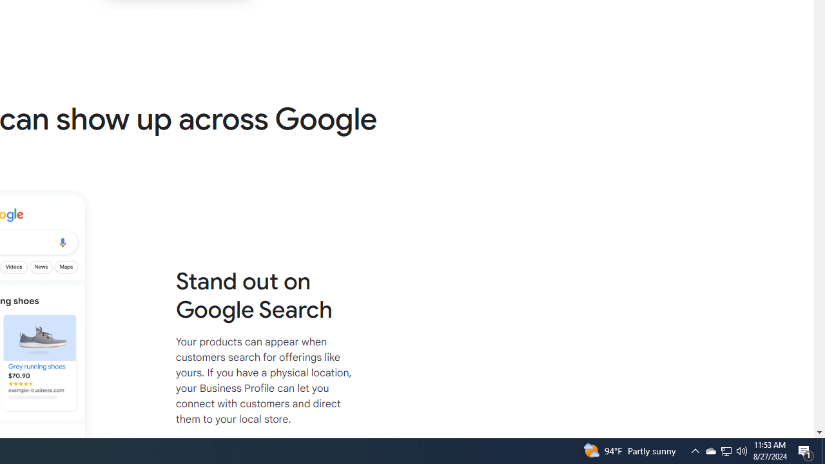 Image resolution: width=825 pixels, height=464 pixels. I want to click on 'User Promoted Notification Area', so click(726, 450).